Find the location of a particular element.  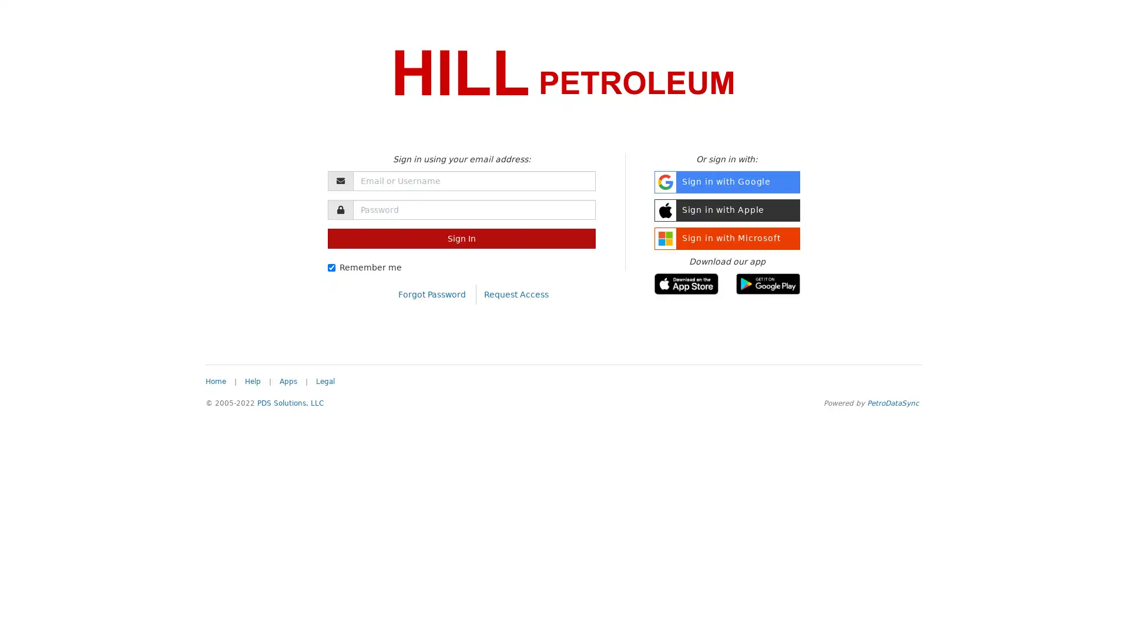

Request Access is located at coordinates (516, 293).